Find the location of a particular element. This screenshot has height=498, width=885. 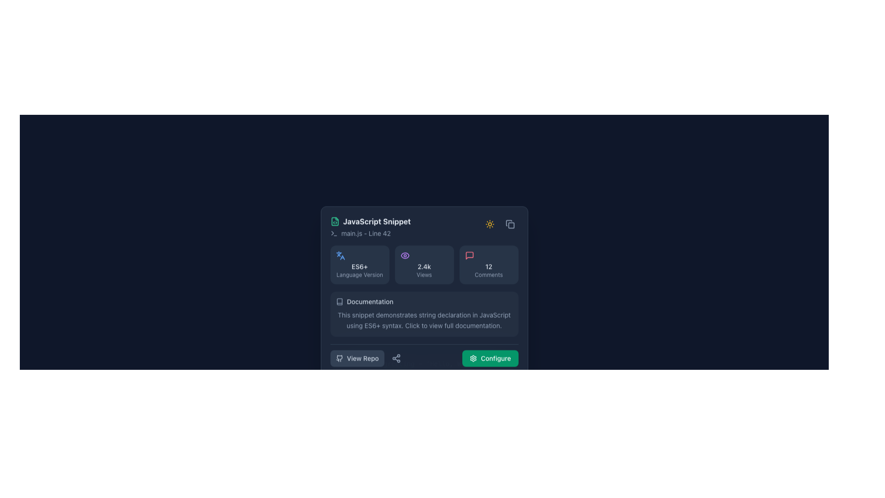

the Text label that indicates the context of the '2.4k' views metric, located directly below the numerical representation of views is located at coordinates (424, 274).